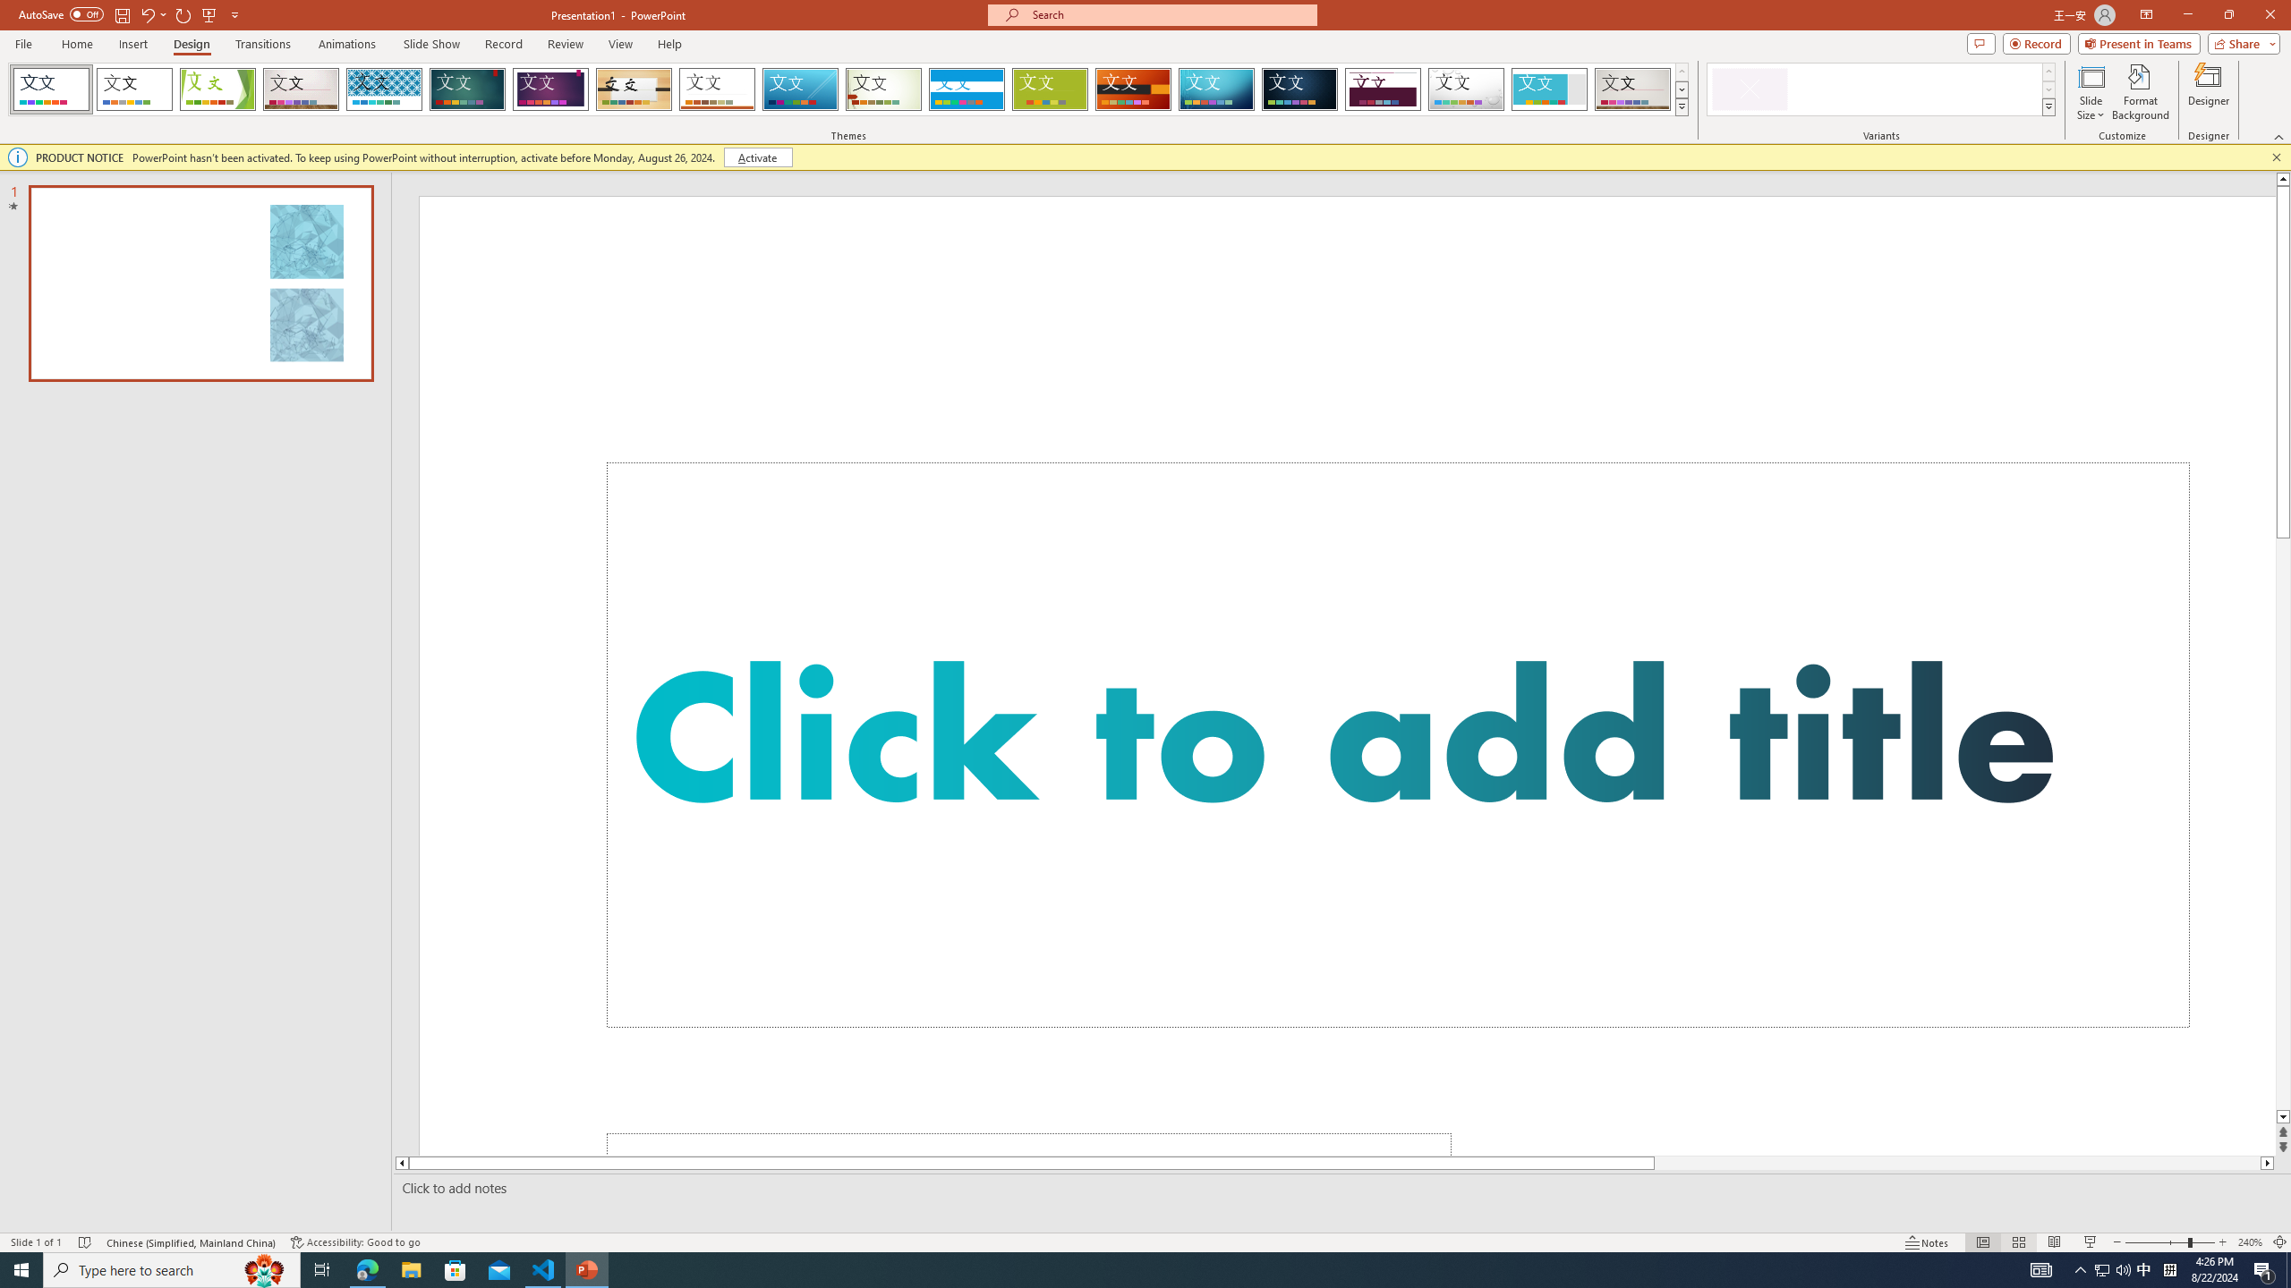 The height and width of the screenshot is (1288, 2291). What do you see at coordinates (51, 89) in the screenshot?
I see `'FadeVTI'` at bounding box center [51, 89].